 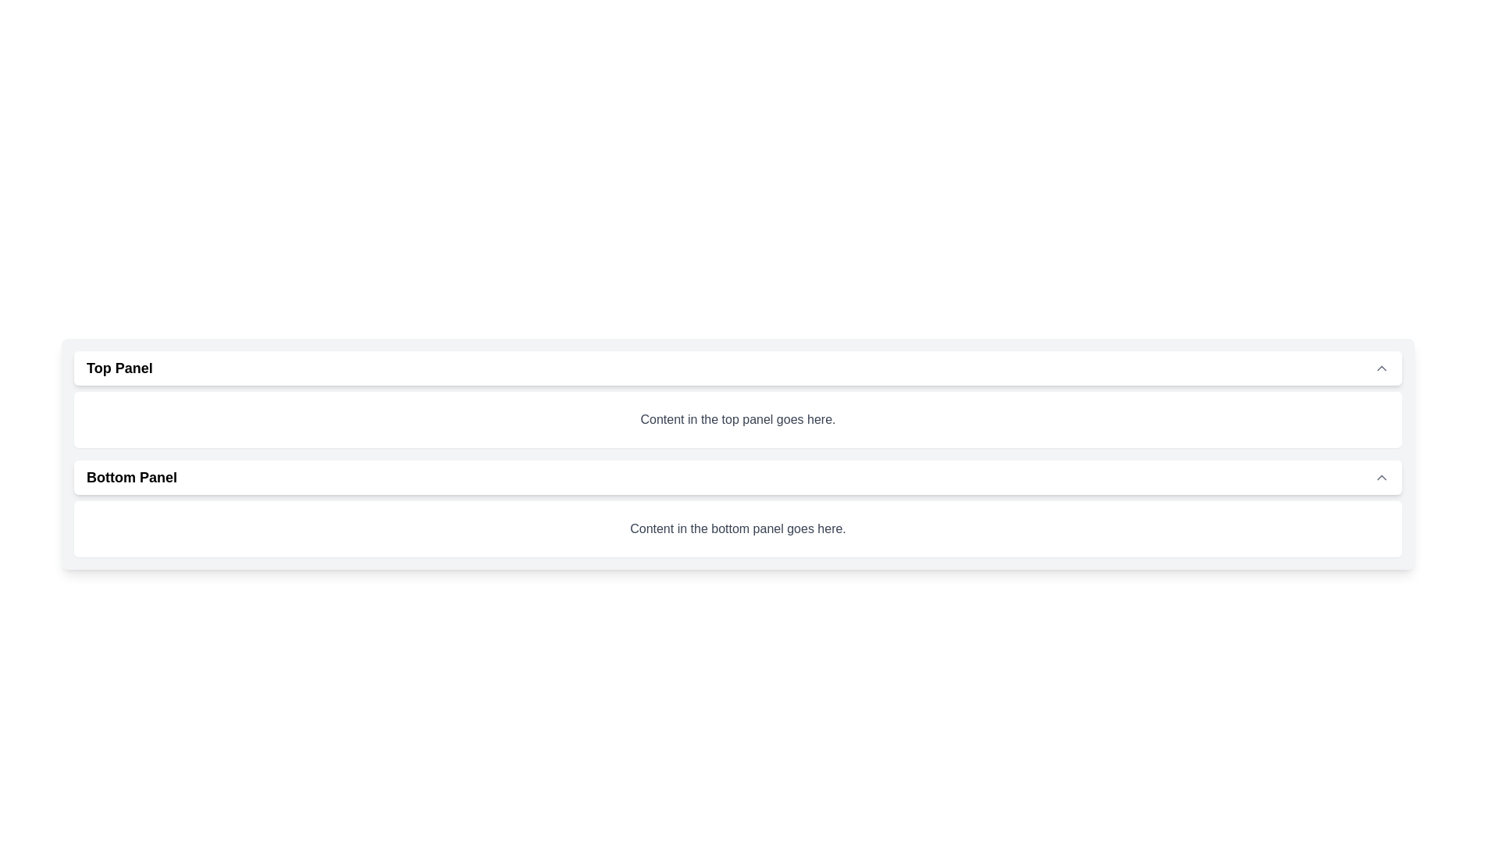 I want to click on the text field located in the bottom panel, which serves as a descriptor or content placeholder, so click(x=737, y=528).